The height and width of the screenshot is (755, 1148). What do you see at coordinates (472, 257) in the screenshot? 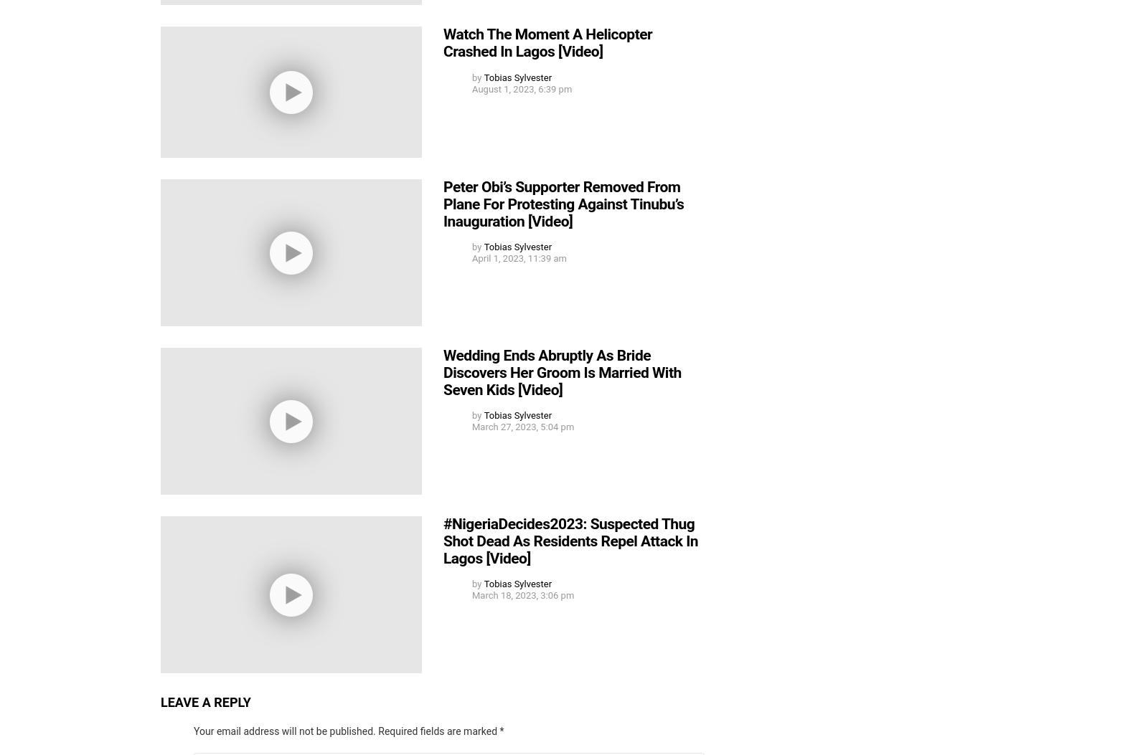
I see `'April 1, 2023, 11:39 am'` at bounding box center [472, 257].